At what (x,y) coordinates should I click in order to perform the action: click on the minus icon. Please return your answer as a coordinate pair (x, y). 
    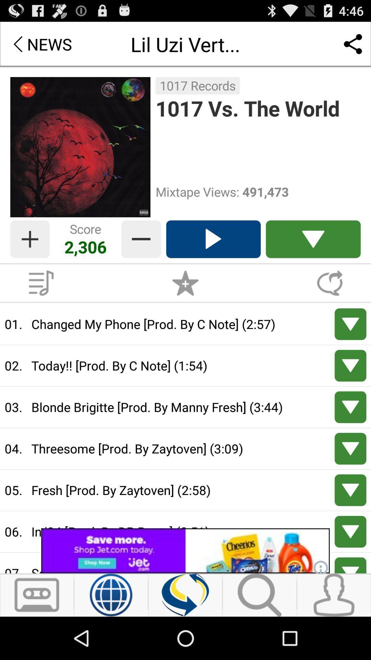
    Looking at the image, I should click on (141, 255).